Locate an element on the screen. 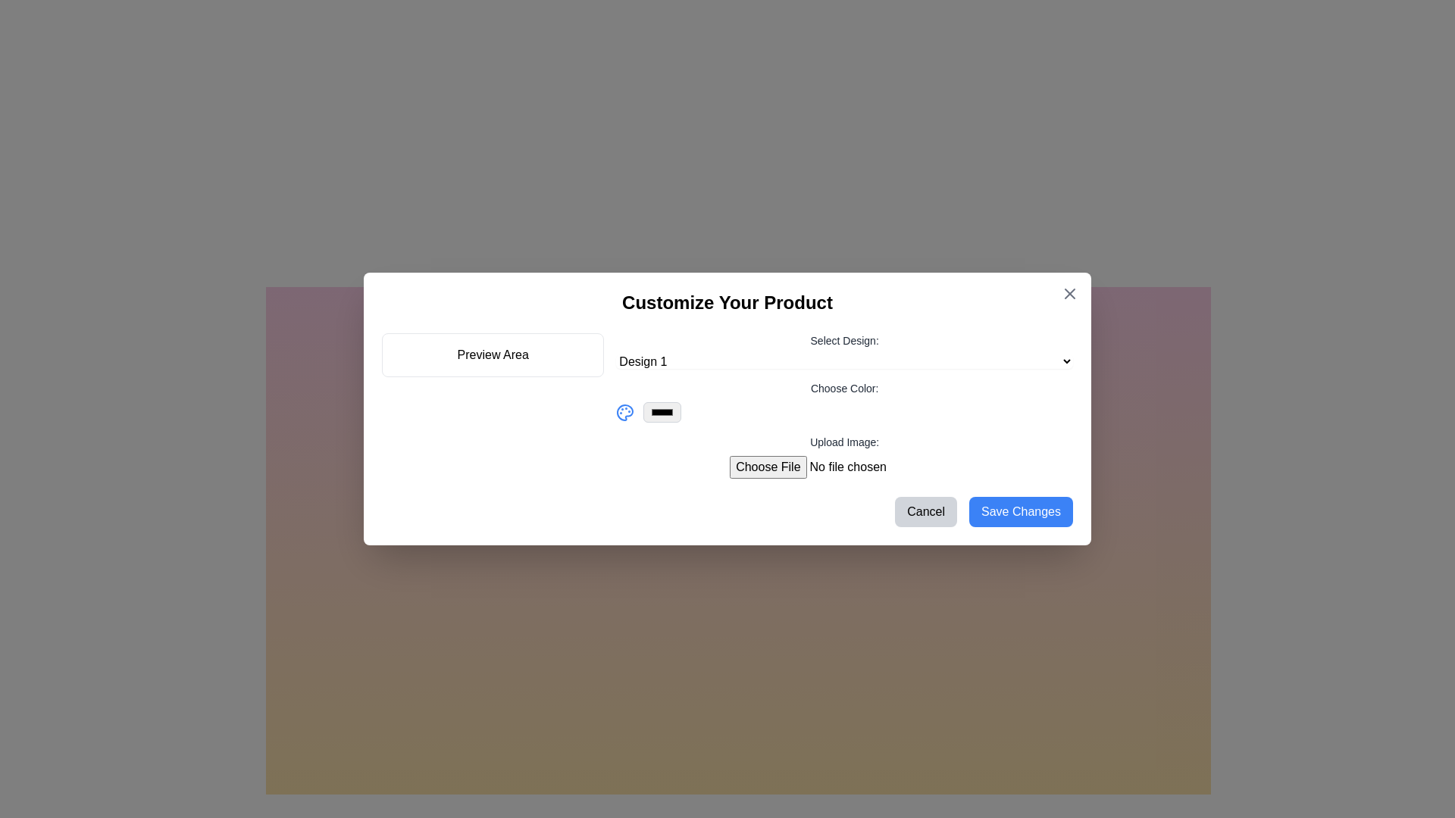 The image size is (1455, 818). the label text that reads 'Select Design:', which is styled with a small font size and medium weight, located at the top of the modal interface above the dropdown menu is located at coordinates (843, 341).